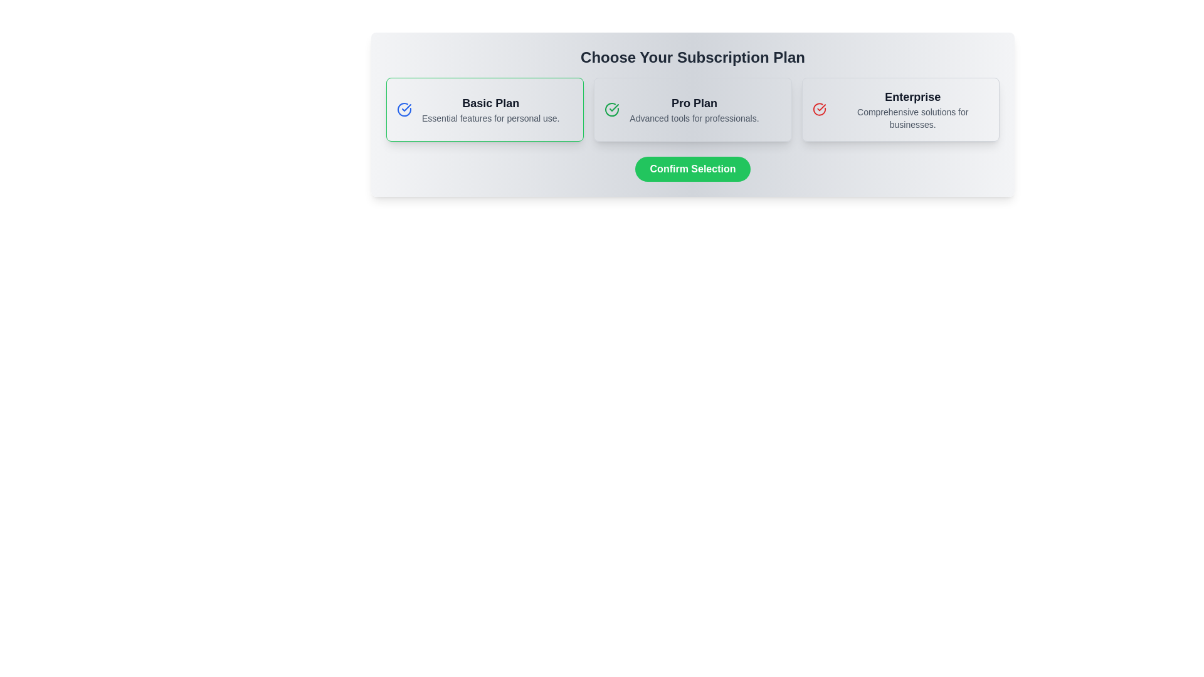 The height and width of the screenshot is (677, 1204). I want to click on the Graphical Indicator (checkmark icon) located within the 'Basic Plan' card to detect any hover-specific effects, so click(614, 107).